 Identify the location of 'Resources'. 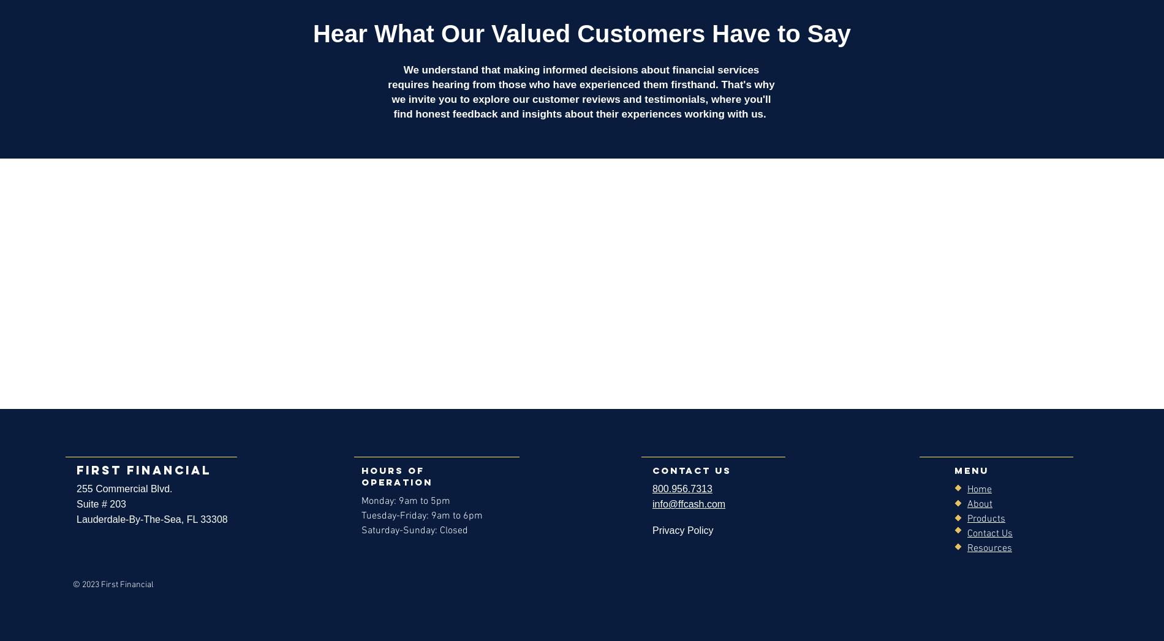
(989, 547).